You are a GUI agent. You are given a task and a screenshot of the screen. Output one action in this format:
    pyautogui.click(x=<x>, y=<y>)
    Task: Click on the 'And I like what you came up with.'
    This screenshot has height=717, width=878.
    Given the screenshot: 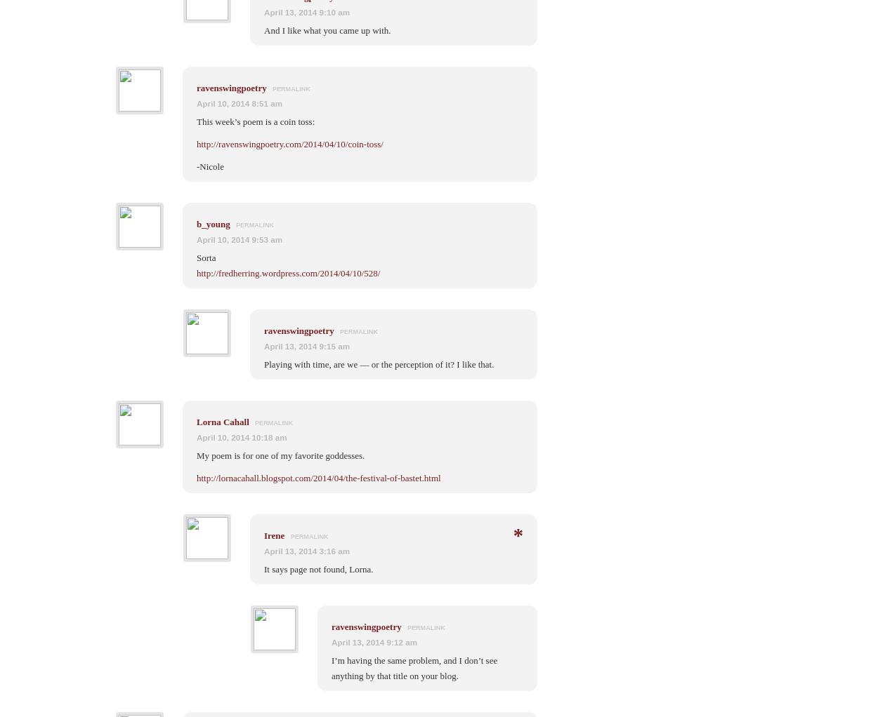 What is the action you would take?
    pyautogui.click(x=327, y=29)
    